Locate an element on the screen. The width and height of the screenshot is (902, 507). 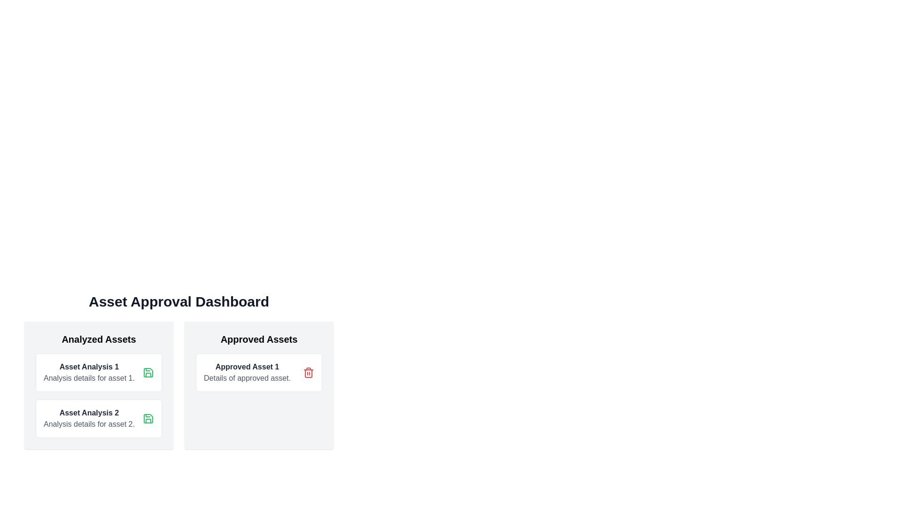
information provided in the text block titled 'Asset Analysis 1' located in the first card of the 'Analyzed Assets' section is located at coordinates (89, 372).